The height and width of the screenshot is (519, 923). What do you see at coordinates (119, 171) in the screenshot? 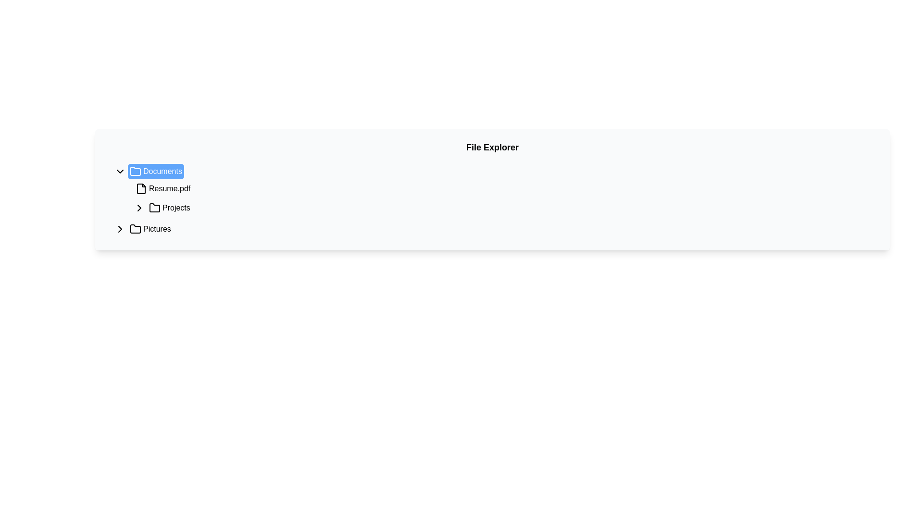
I see `the toggle button located to the left and slightly above the 'Documents' folder label` at bounding box center [119, 171].